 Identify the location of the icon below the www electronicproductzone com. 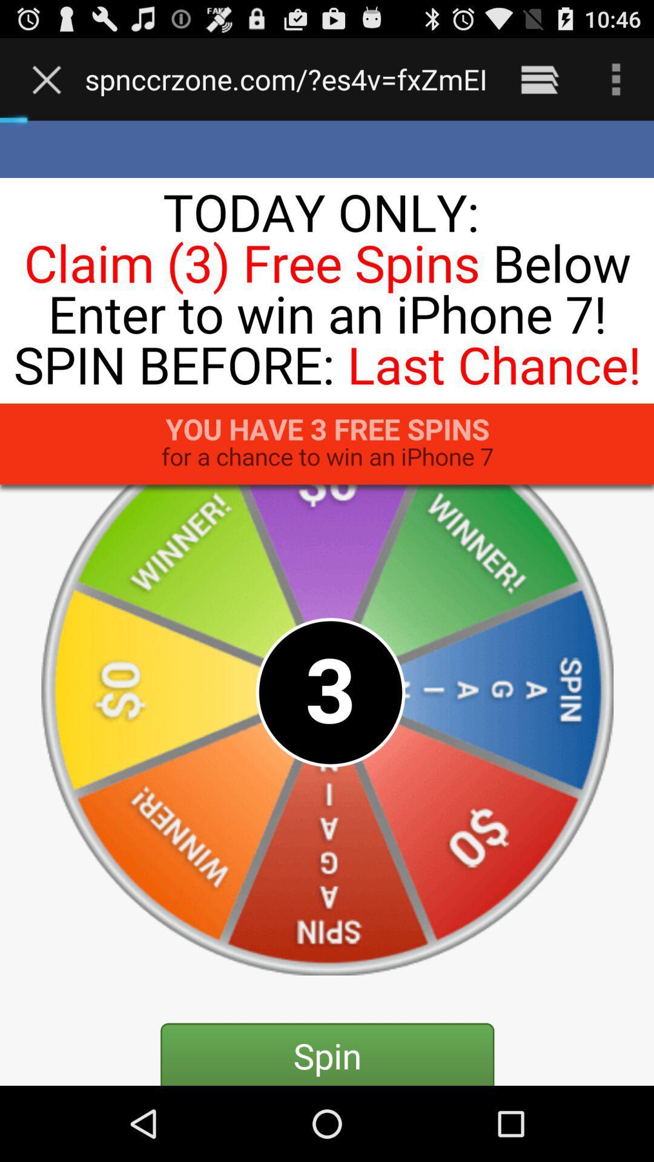
(327, 603).